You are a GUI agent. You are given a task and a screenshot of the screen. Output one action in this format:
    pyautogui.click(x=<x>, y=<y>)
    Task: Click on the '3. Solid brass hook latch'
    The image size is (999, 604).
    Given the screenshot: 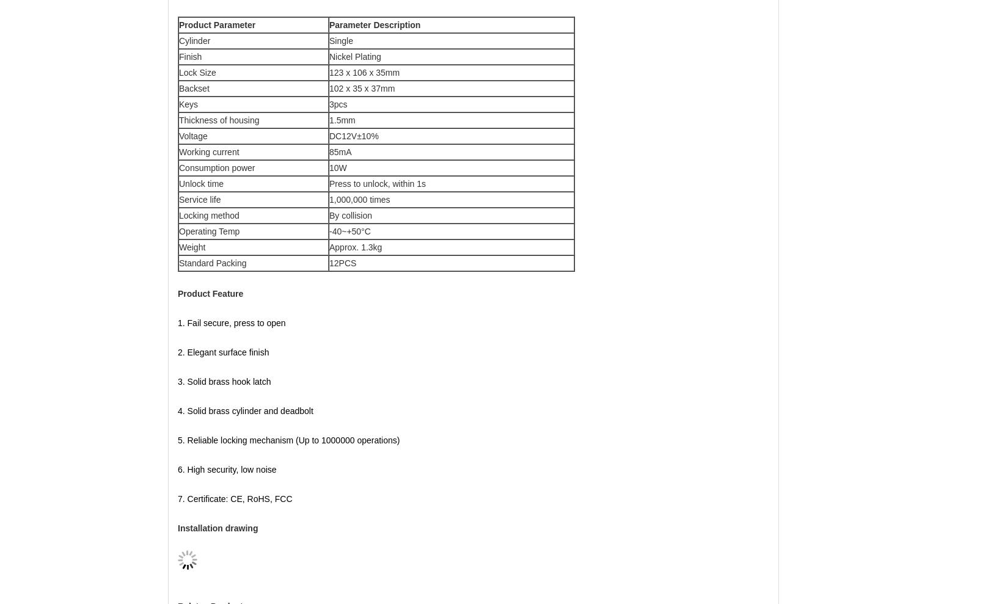 What is the action you would take?
    pyautogui.click(x=224, y=382)
    